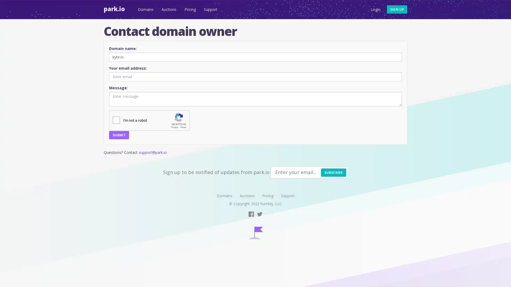 The image size is (511, 287). What do you see at coordinates (118, 134) in the screenshot?
I see `SUBMIT` at bounding box center [118, 134].